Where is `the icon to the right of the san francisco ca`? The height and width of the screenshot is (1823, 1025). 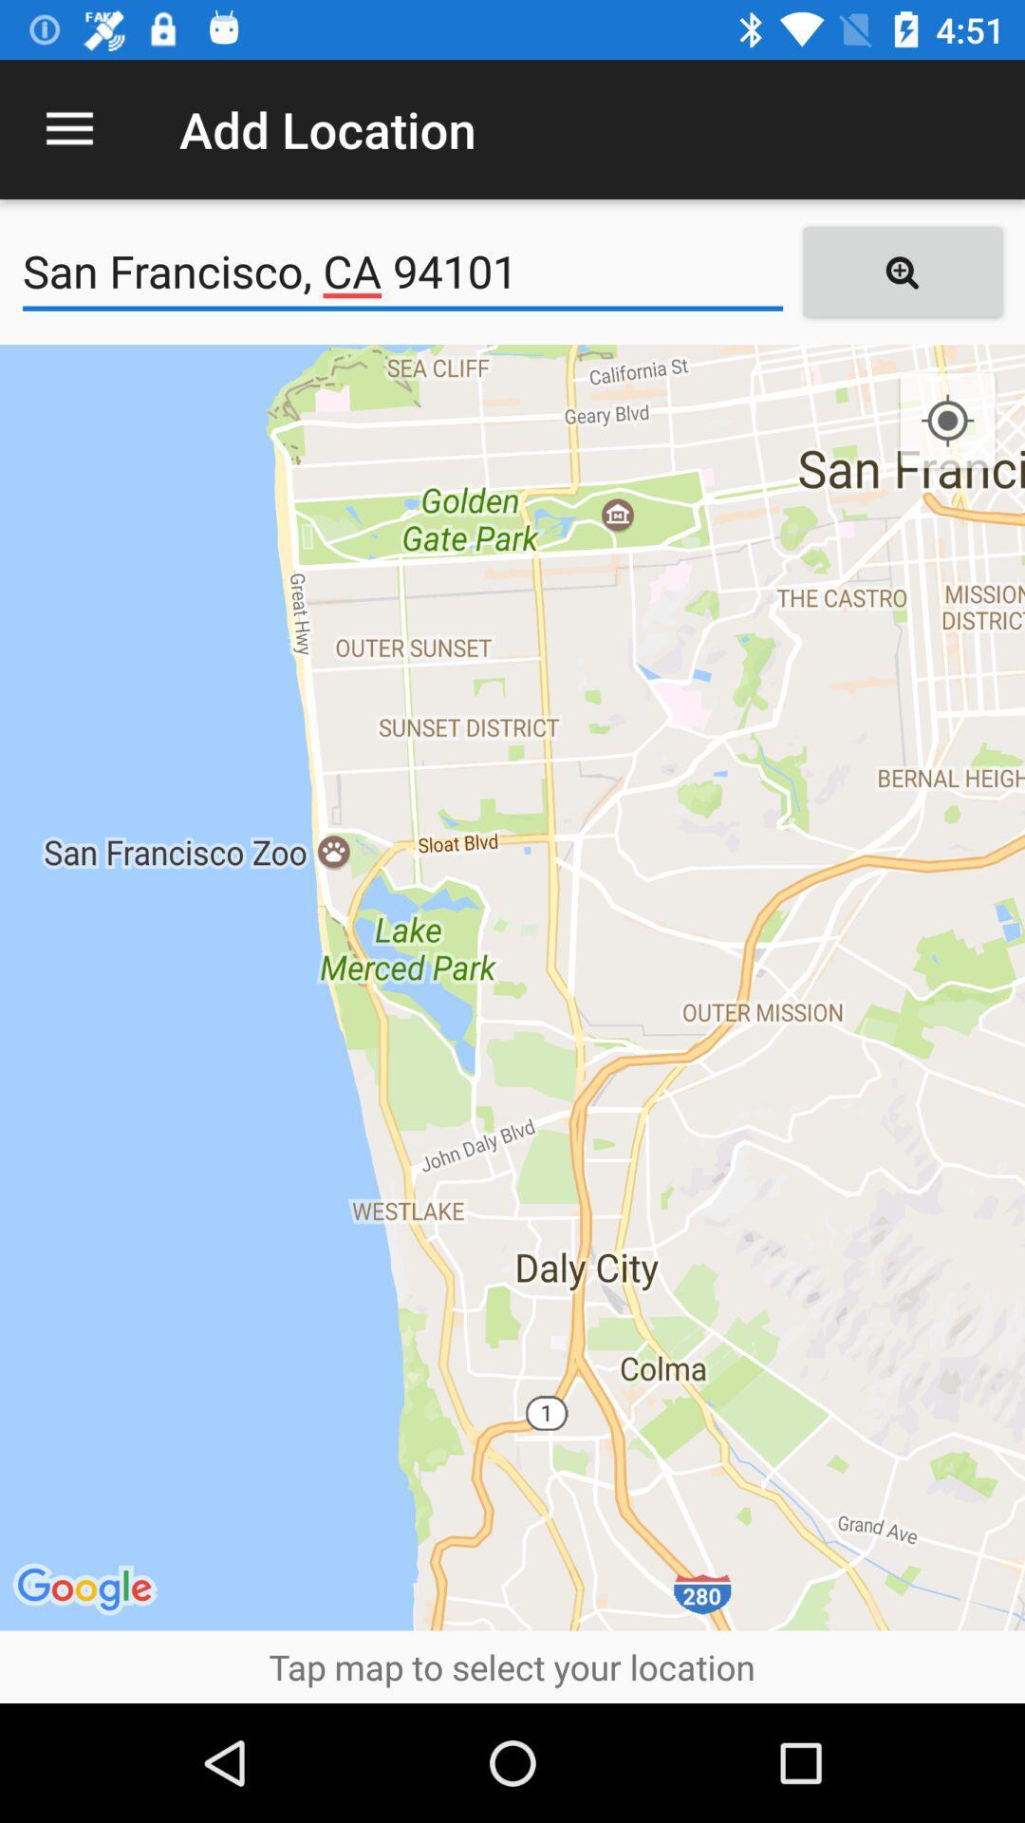
the icon to the right of the san francisco ca is located at coordinates (902, 271).